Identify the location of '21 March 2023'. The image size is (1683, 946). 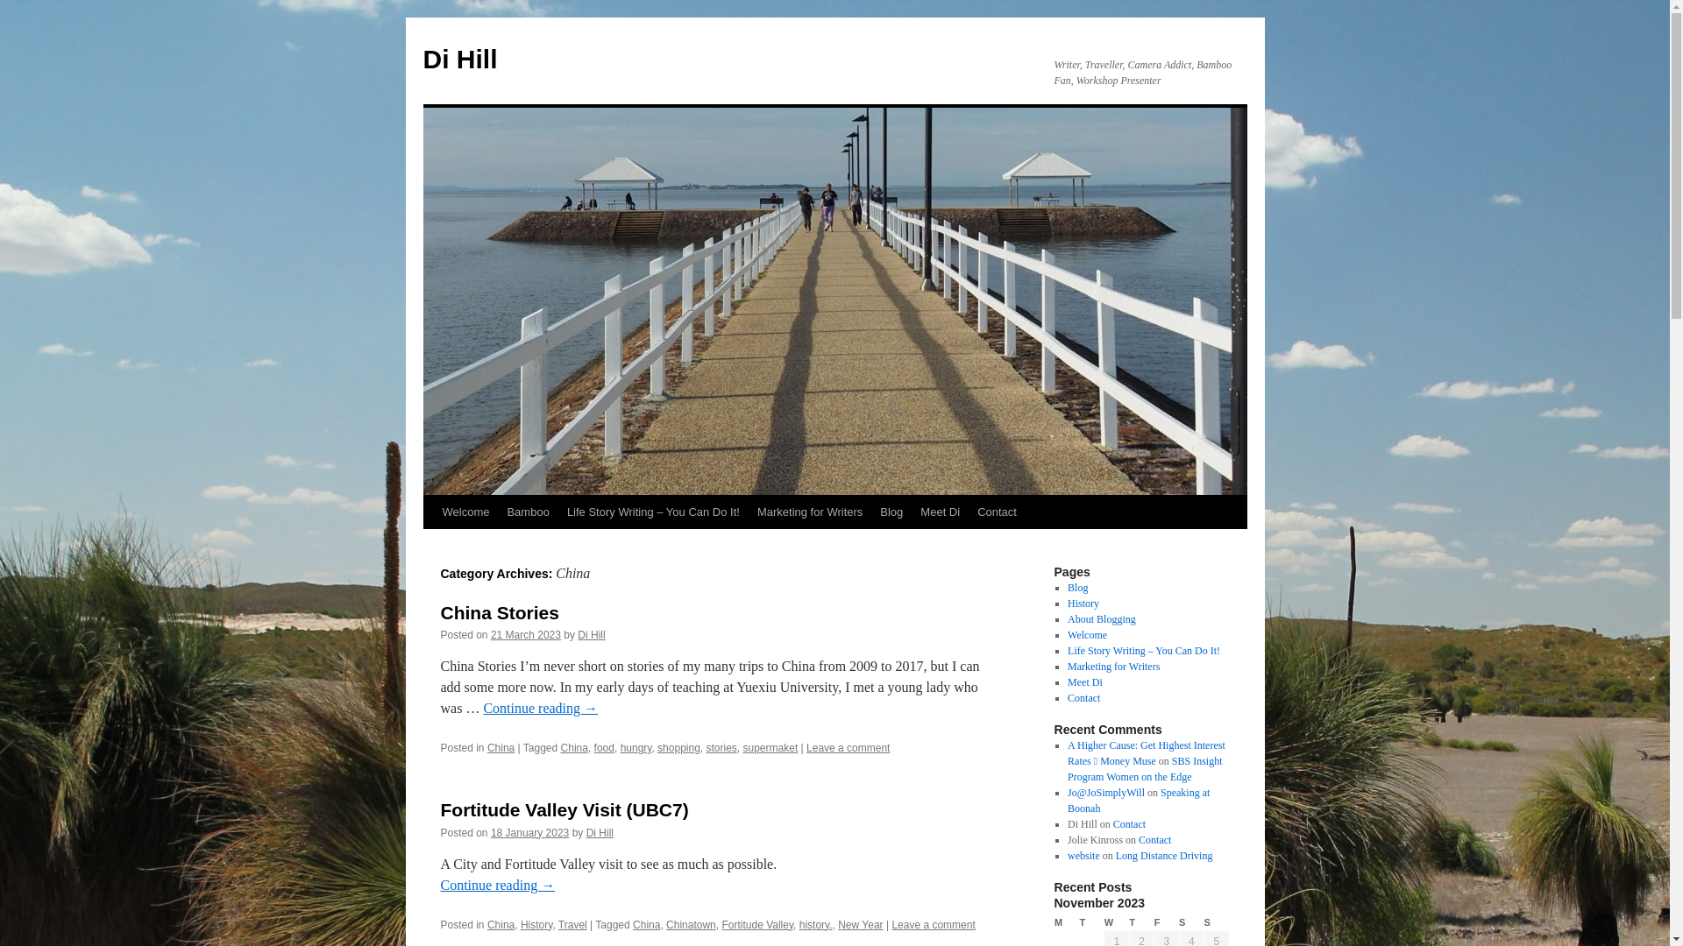
(525, 635).